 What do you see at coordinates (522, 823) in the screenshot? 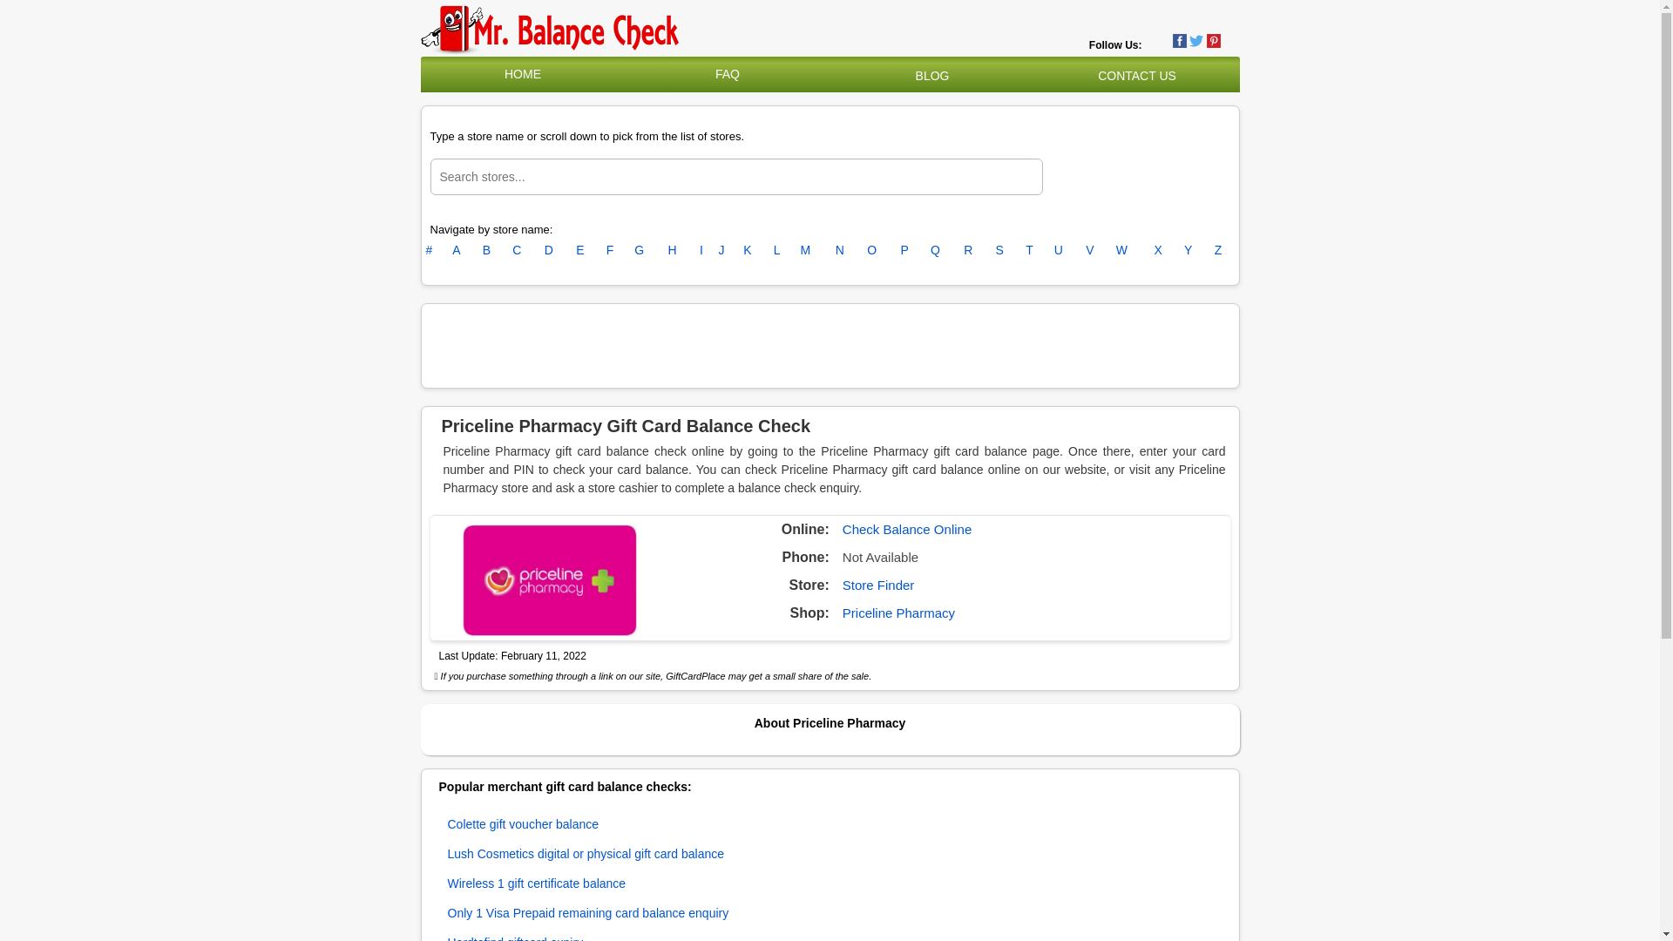
I see `'Colette gift voucher balance'` at bounding box center [522, 823].